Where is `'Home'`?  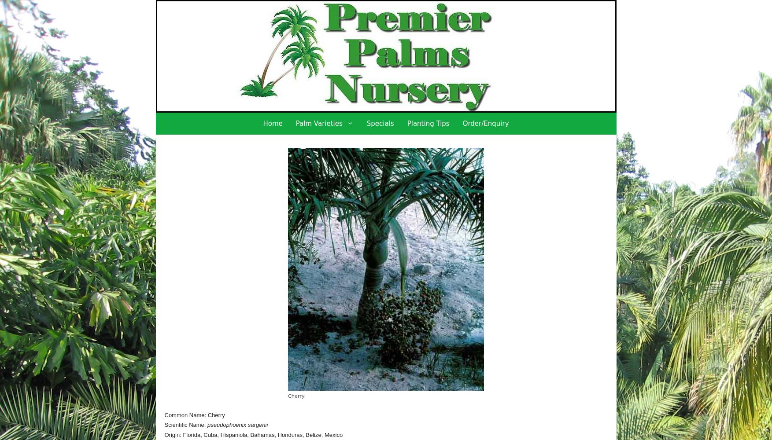 'Home' is located at coordinates (262, 124).